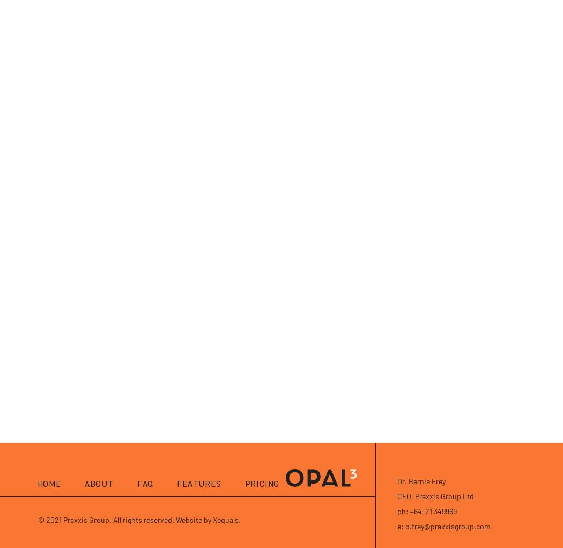 The width and height of the screenshot is (563, 548). I want to click on 'Home', so click(36, 483).